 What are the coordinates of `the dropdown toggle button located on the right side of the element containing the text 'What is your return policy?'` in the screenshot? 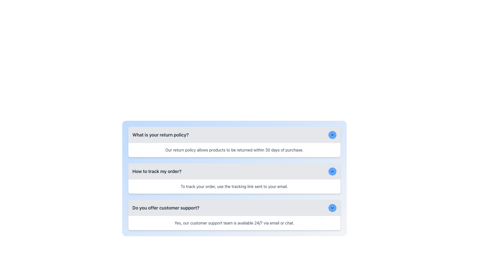 It's located at (332, 135).